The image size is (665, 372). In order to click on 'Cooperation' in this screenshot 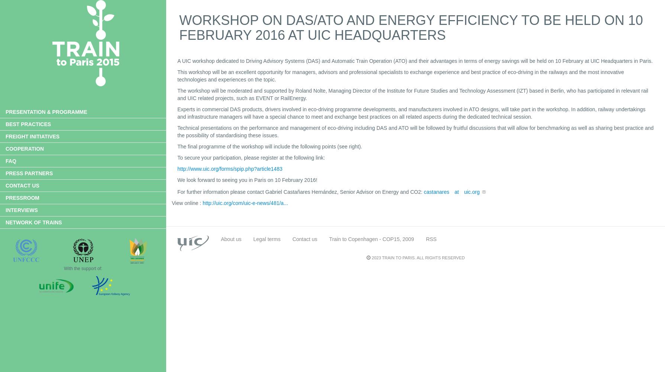, I will do `click(25, 149)`.